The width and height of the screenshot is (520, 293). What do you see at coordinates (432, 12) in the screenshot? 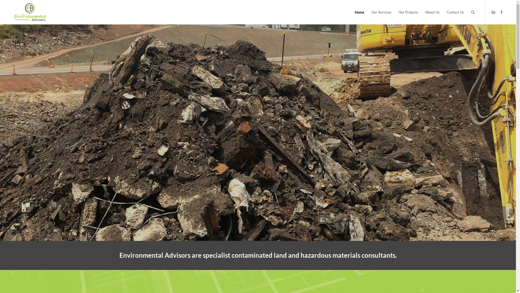
I see `'About Us'` at bounding box center [432, 12].